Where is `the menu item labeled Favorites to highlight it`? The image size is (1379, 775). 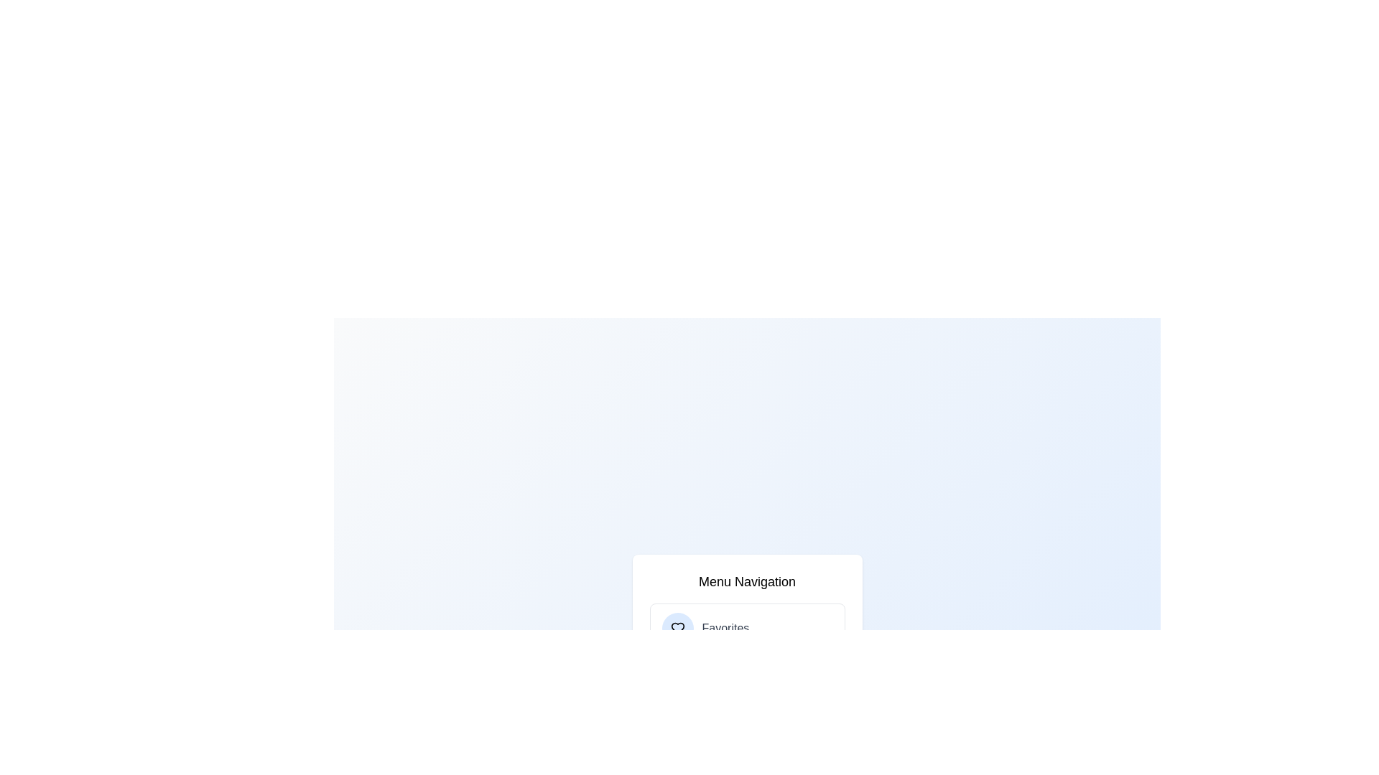
the menu item labeled Favorites to highlight it is located at coordinates (747, 627).